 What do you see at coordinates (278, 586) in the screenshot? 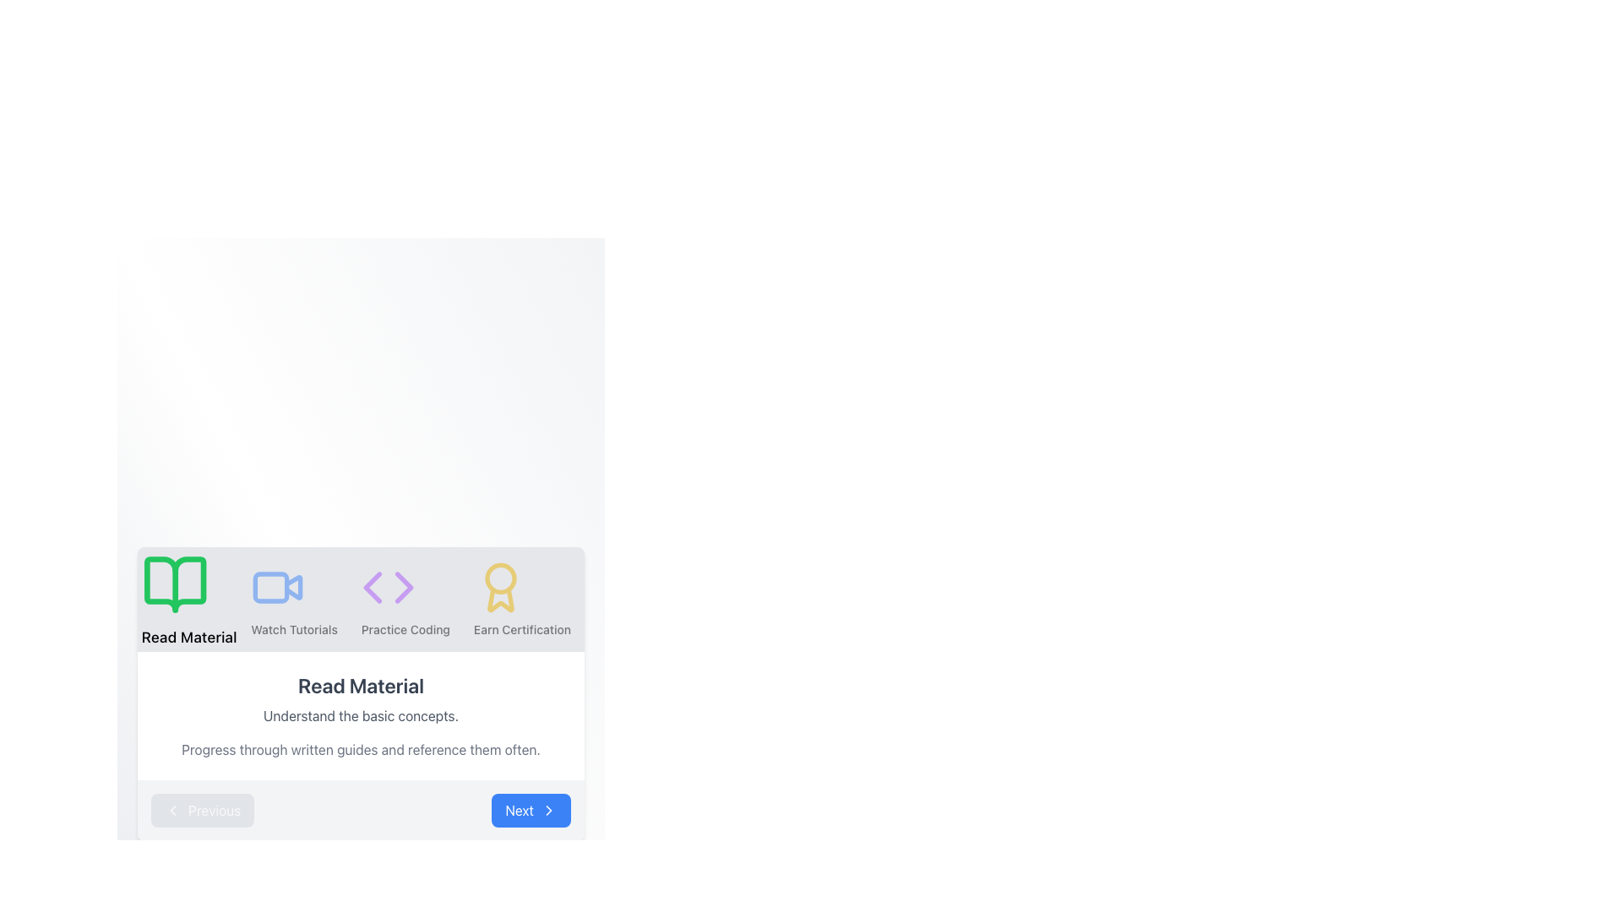
I see `the tutorial video icon, which is the second icon in a horizontal layout, positioned between the green book icon labeled 'Read Material' and a purple coding icon` at bounding box center [278, 586].